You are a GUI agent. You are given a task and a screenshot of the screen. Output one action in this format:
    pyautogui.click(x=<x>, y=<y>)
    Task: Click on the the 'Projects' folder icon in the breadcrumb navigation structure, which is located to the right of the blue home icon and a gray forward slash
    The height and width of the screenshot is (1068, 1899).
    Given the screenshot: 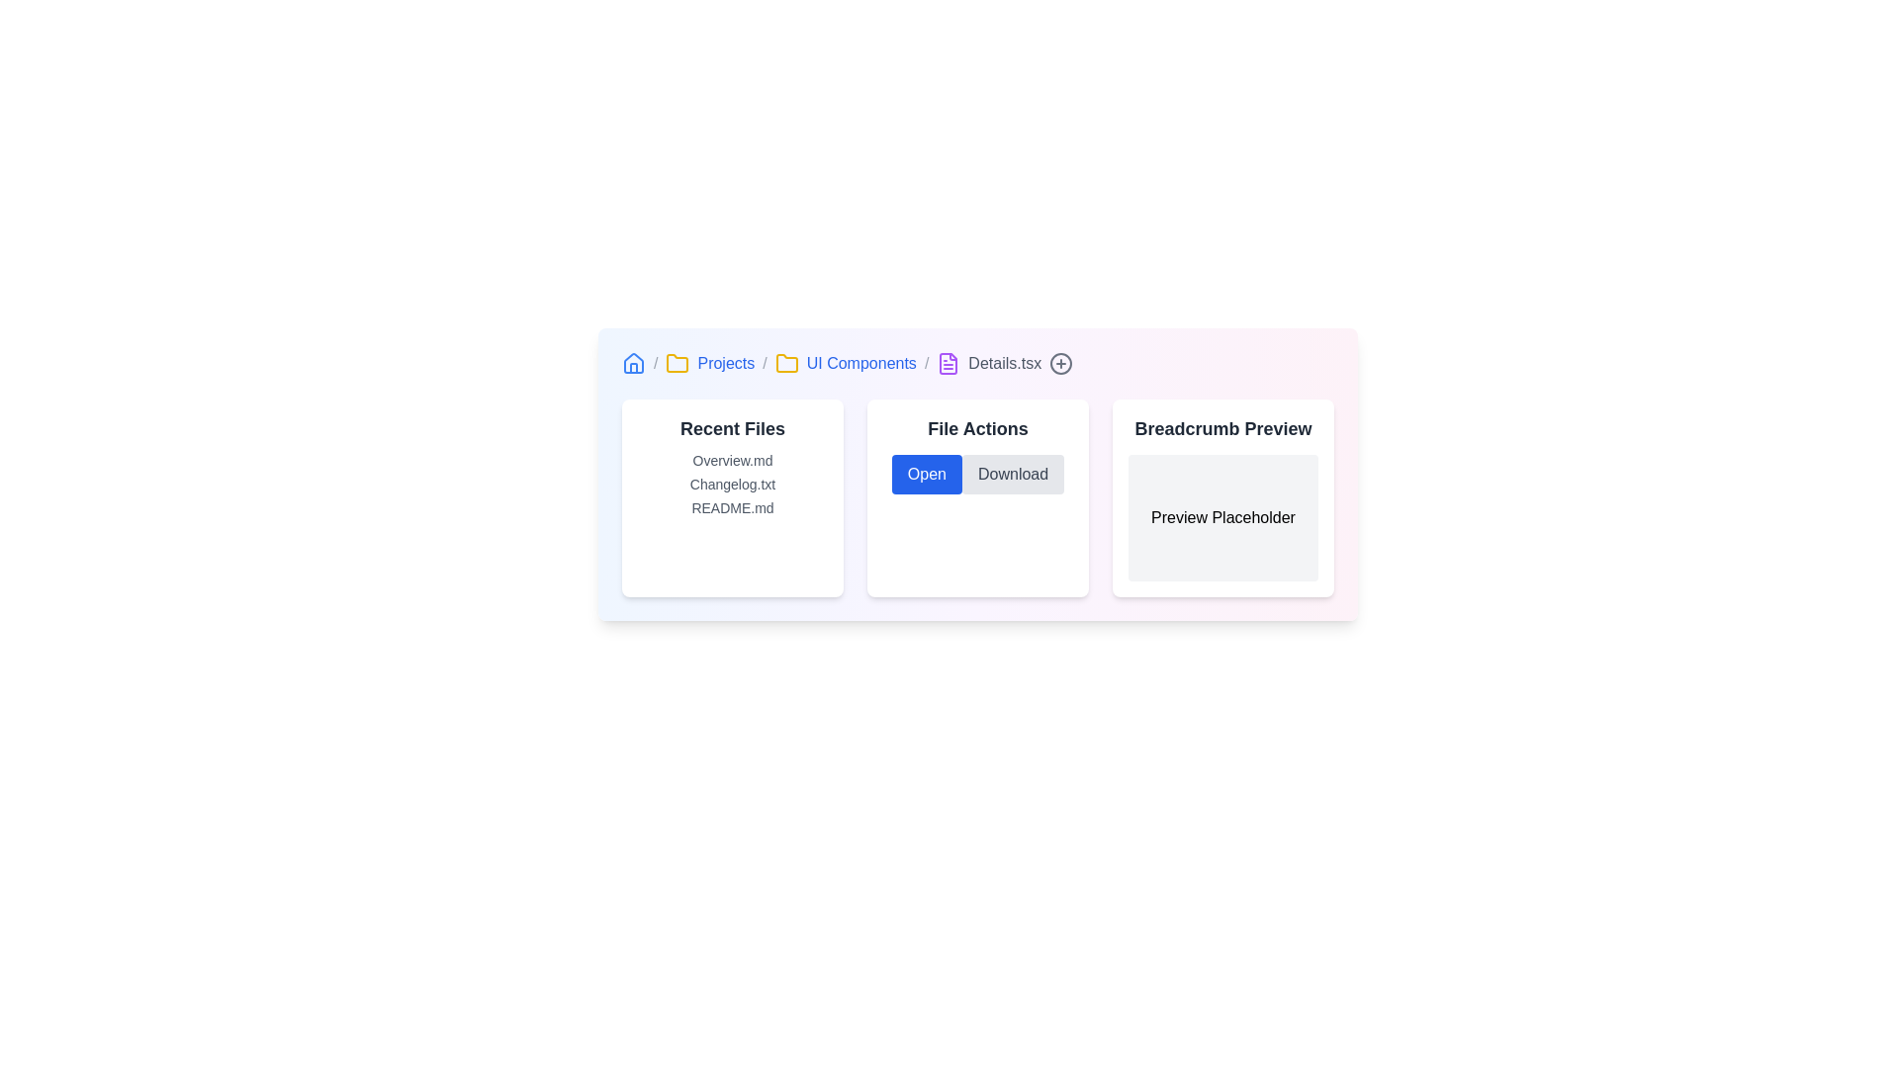 What is the action you would take?
    pyautogui.click(x=678, y=363)
    